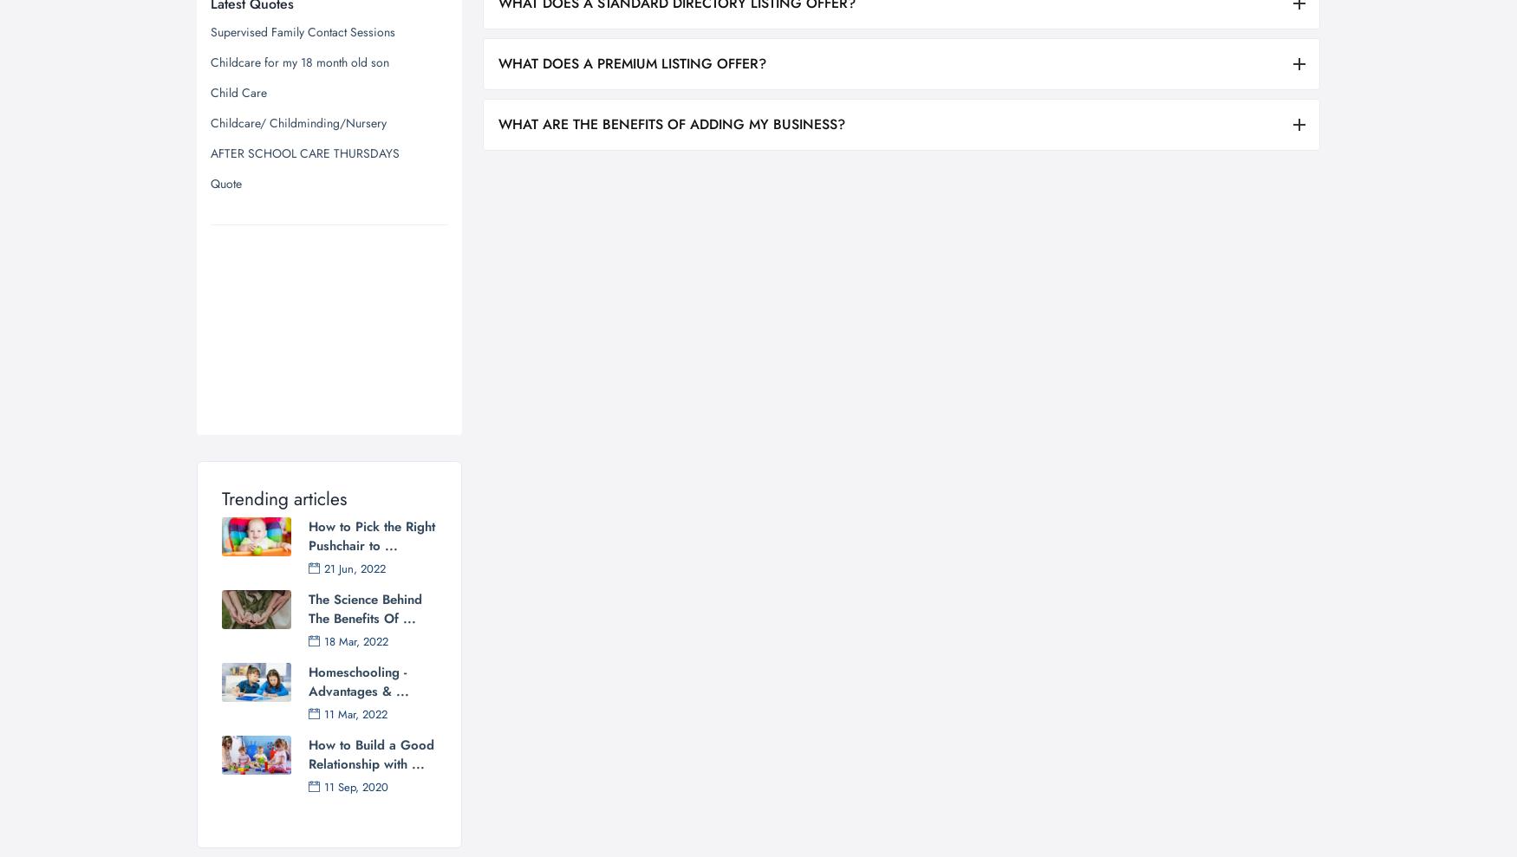 This screenshot has height=857, width=1517. I want to click on 'Cookies Settings', so click(1001, 761).